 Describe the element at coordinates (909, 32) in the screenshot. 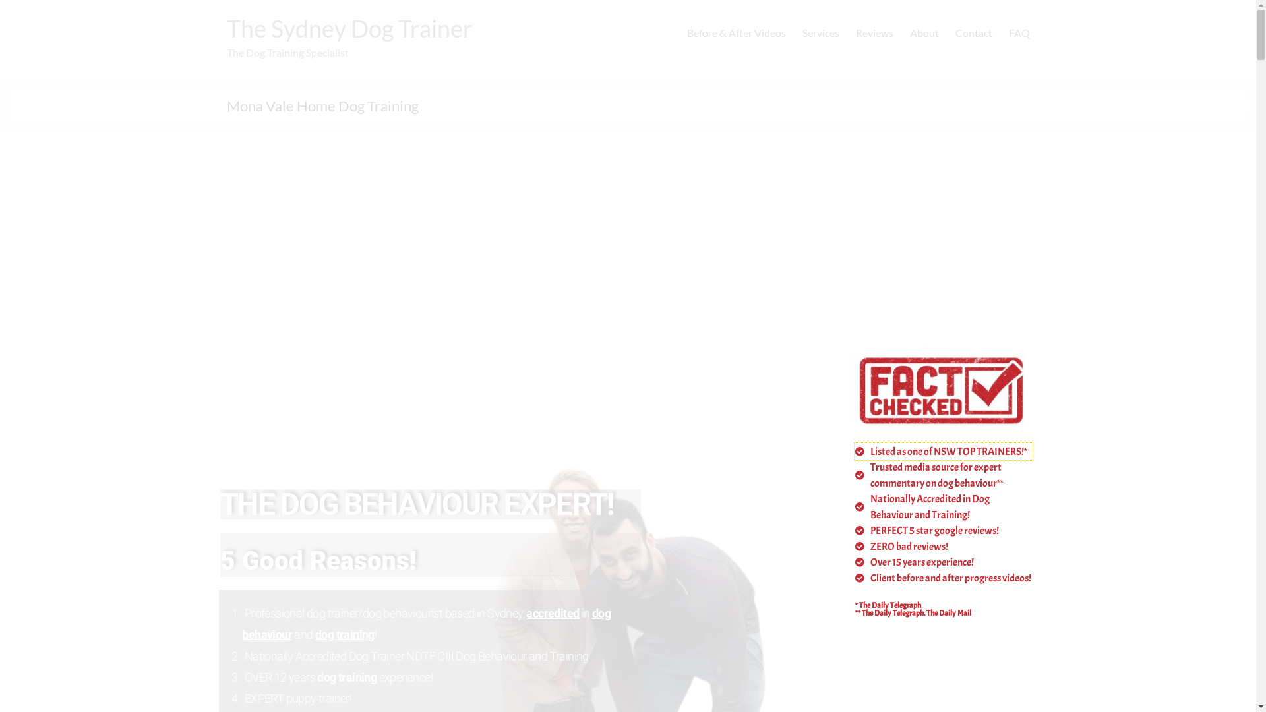

I see `'About'` at that location.